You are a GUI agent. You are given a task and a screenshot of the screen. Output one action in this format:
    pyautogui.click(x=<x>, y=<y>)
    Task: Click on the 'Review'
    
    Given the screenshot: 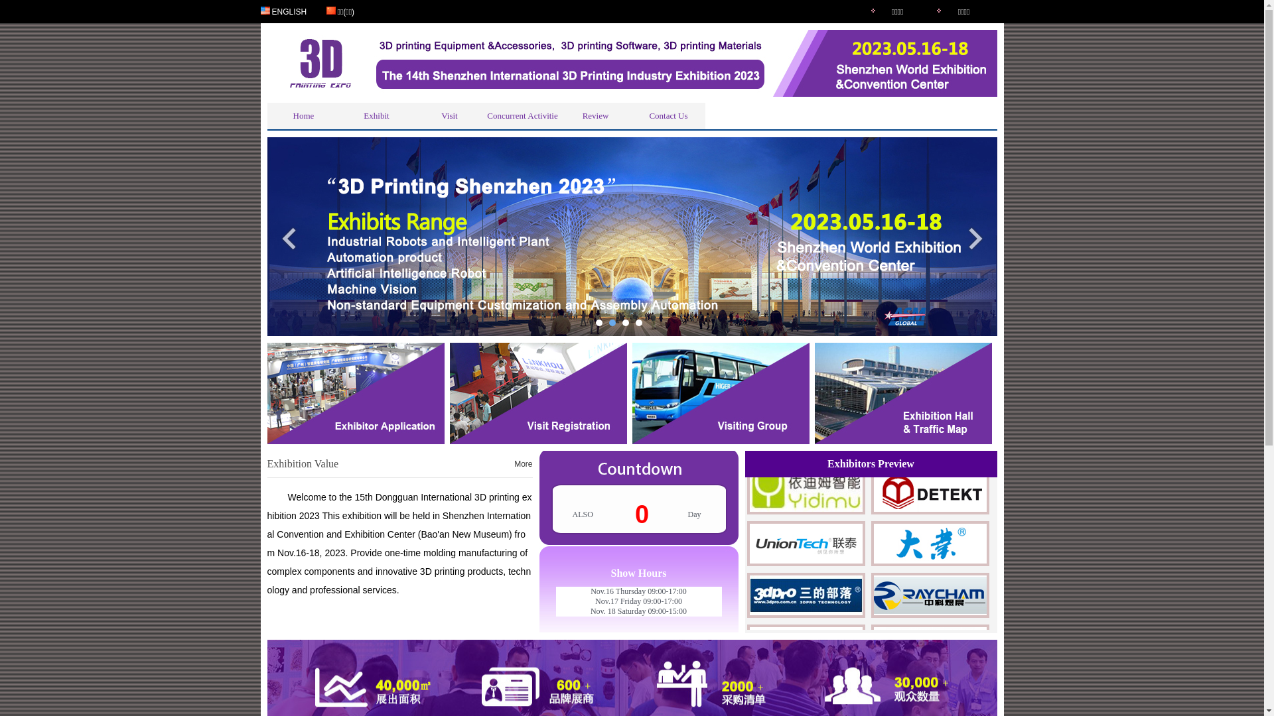 What is the action you would take?
    pyautogui.click(x=595, y=115)
    